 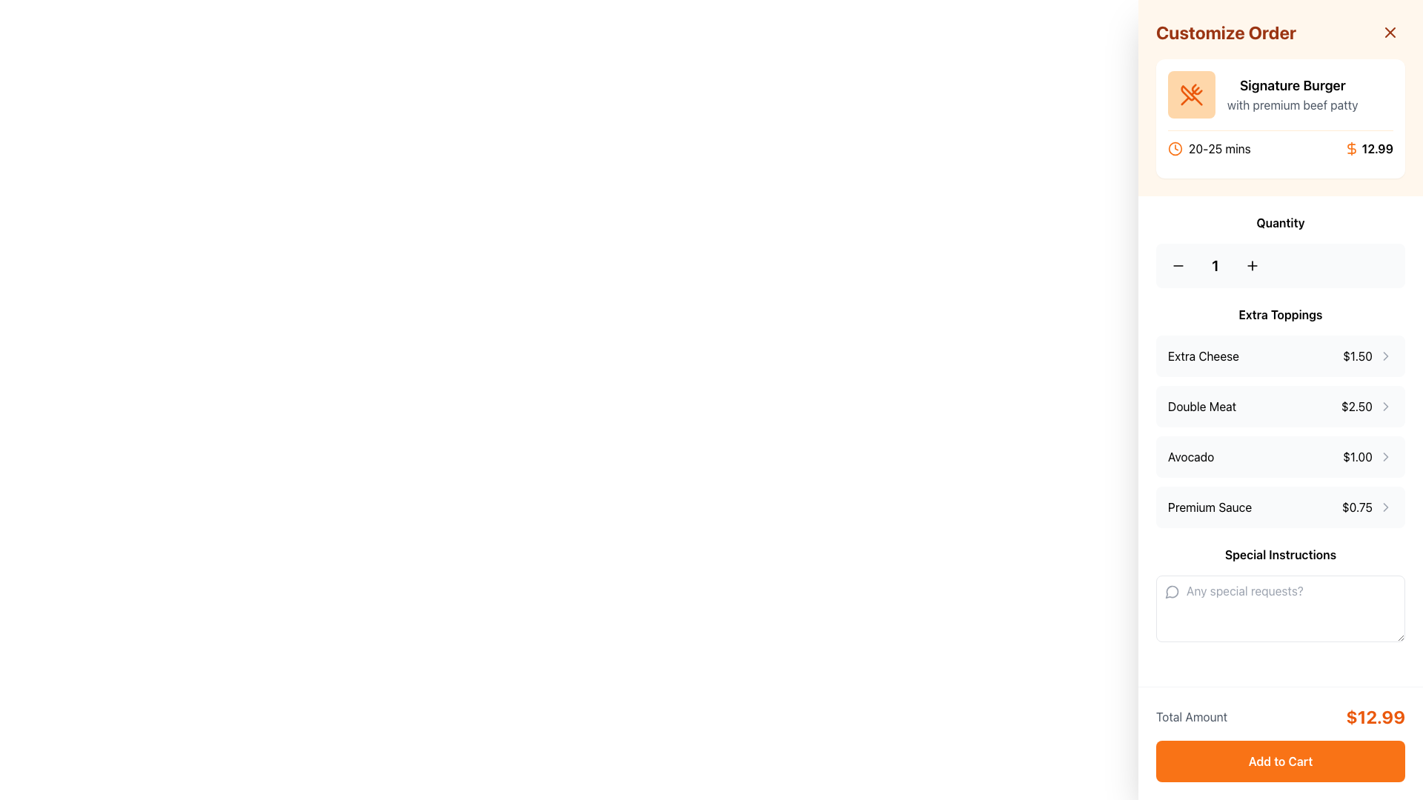 What do you see at coordinates (1174, 148) in the screenshot?
I see `the clock icon indicating the estimated time for an event located near the top of the right panel under the 'Customize Order' heading, specifically to the immediate left of the text '20-25 mins'` at bounding box center [1174, 148].